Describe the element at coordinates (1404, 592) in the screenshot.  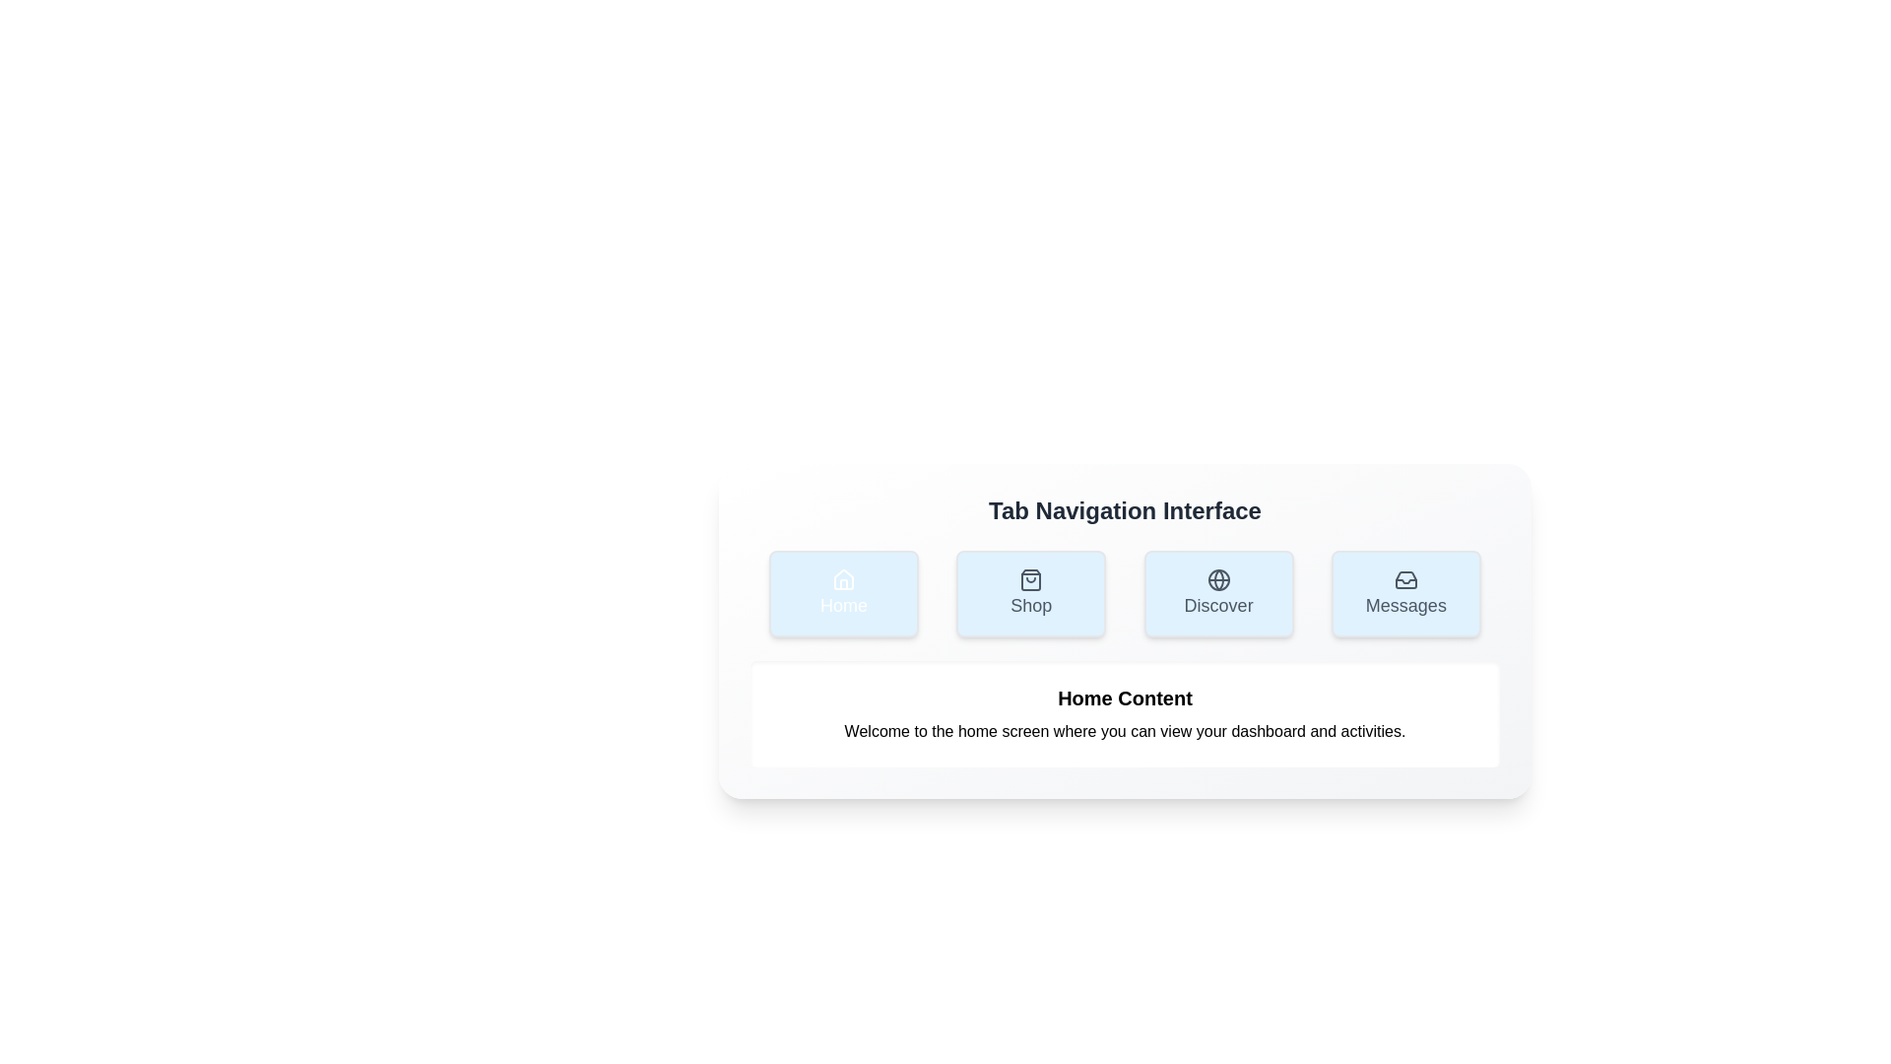
I see `the 'Messages' button, which is a rectangular button with rounded corners, light blue background, an inbox icon, and medium gray text, located at the far-right of the navigation bar` at that location.